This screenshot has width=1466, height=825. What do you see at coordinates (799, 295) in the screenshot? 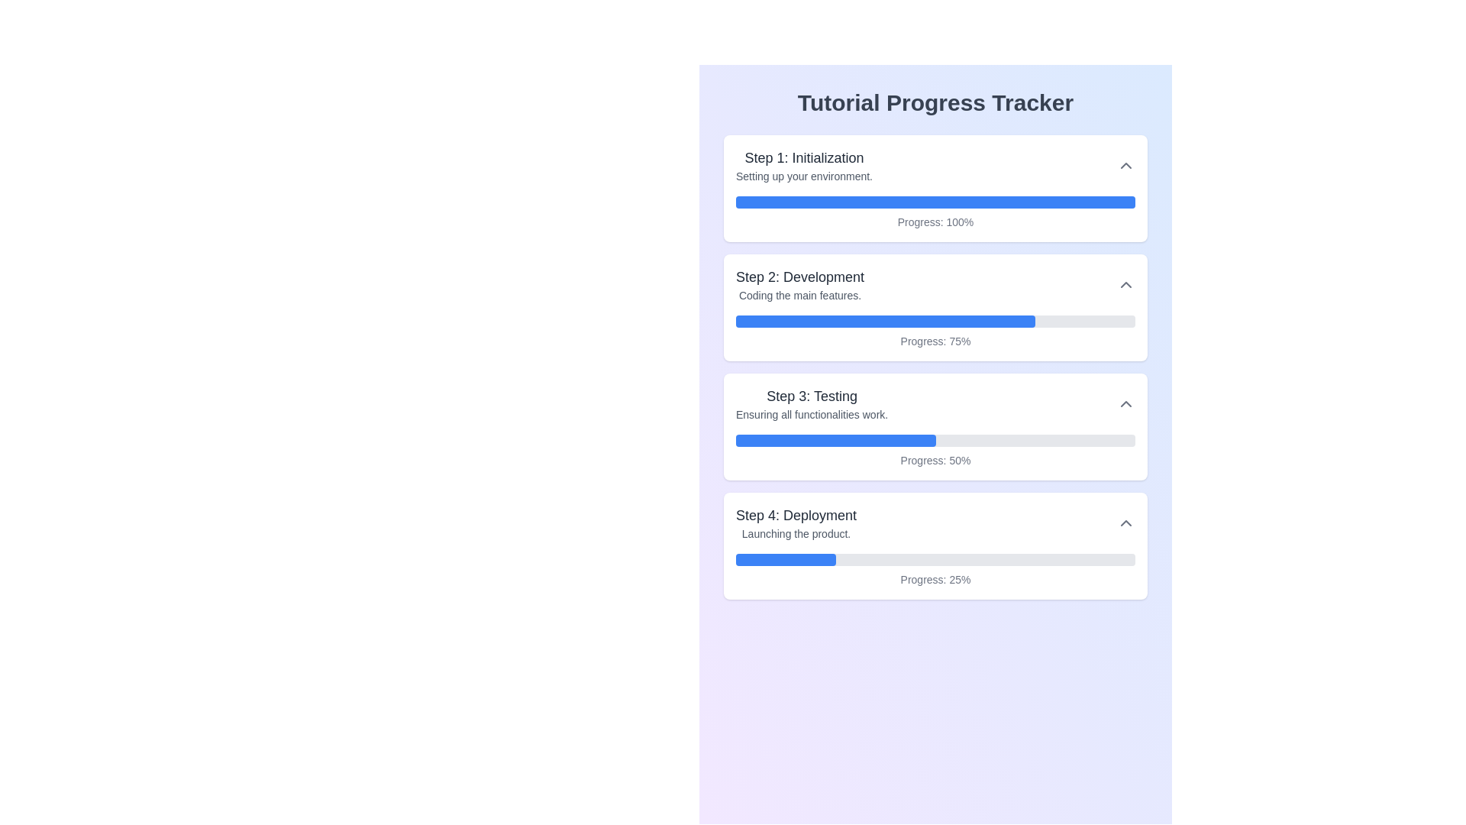
I see `the static text element that reads 'Coding the main features.' which is located beneath 'Step 2: Development' in the 'Tutorial Progress Tracker' card` at bounding box center [799, 295].